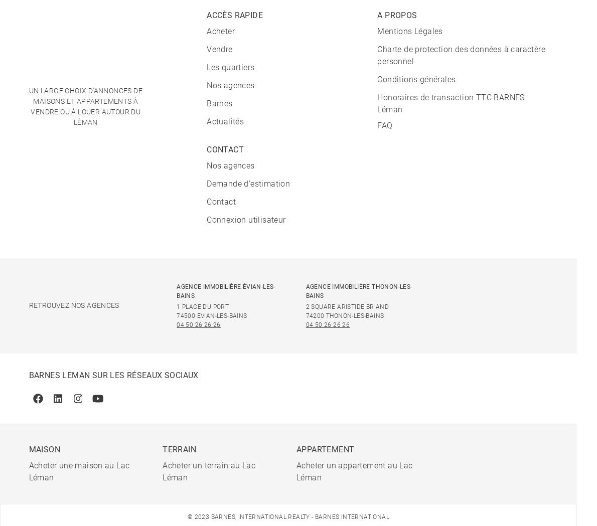 The image size is (597, 526). What do you see at coordinates (230, 67) in the screenshot?
I see `'Les quartiers'` at bounding box center [230, 67].